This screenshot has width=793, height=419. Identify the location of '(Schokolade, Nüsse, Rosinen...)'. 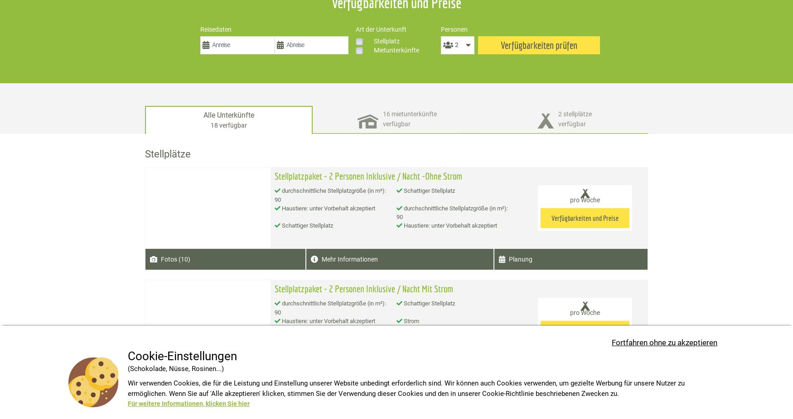
(175, 368).